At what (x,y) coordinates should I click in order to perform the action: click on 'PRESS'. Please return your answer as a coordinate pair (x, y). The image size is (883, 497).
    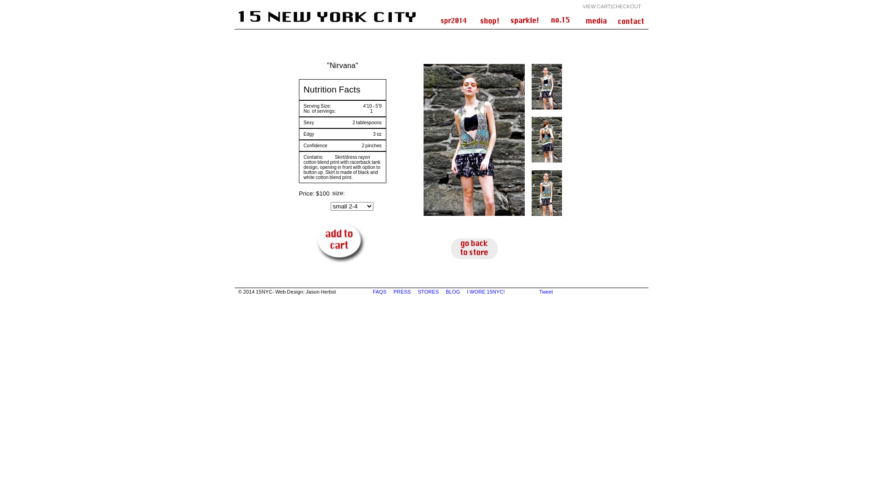
    Looking at the image, I should click on (393, 291).